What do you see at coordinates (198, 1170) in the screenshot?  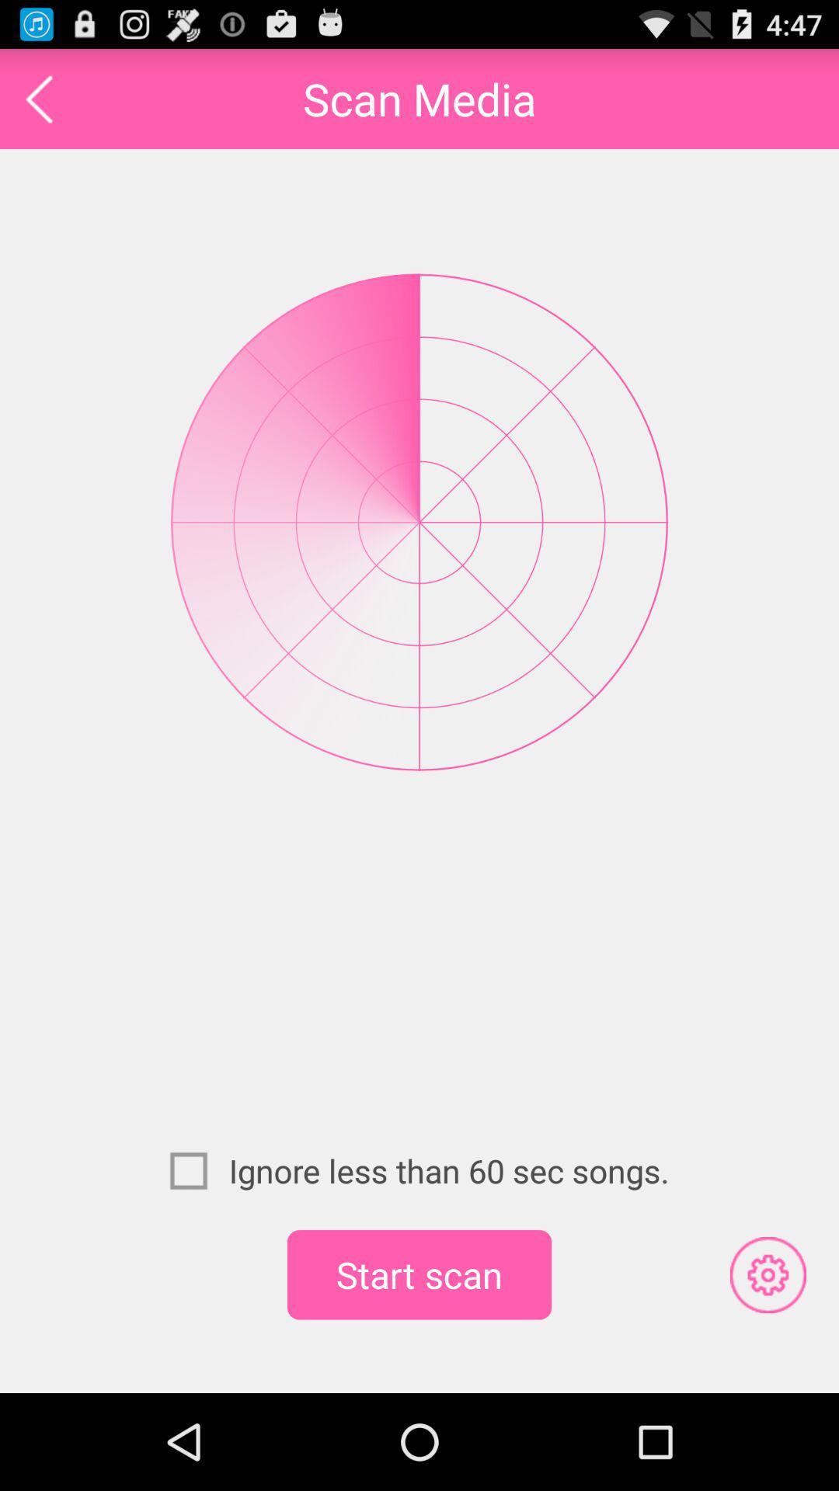 I see `the item at the bottom left corner` at bounding box center [198, 1170].